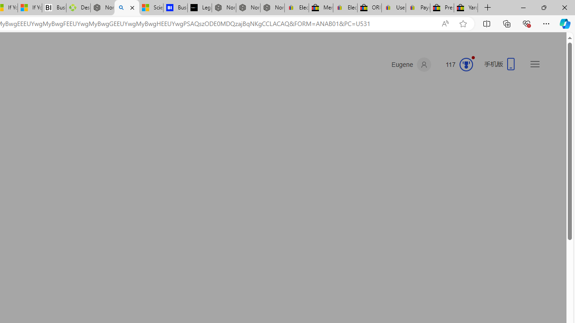 This screenshot has height=323, width=575. Describe the element at coordinates (394, 8) in the screenshot. I see `'User Privacy Notice | eBay'` at that location.